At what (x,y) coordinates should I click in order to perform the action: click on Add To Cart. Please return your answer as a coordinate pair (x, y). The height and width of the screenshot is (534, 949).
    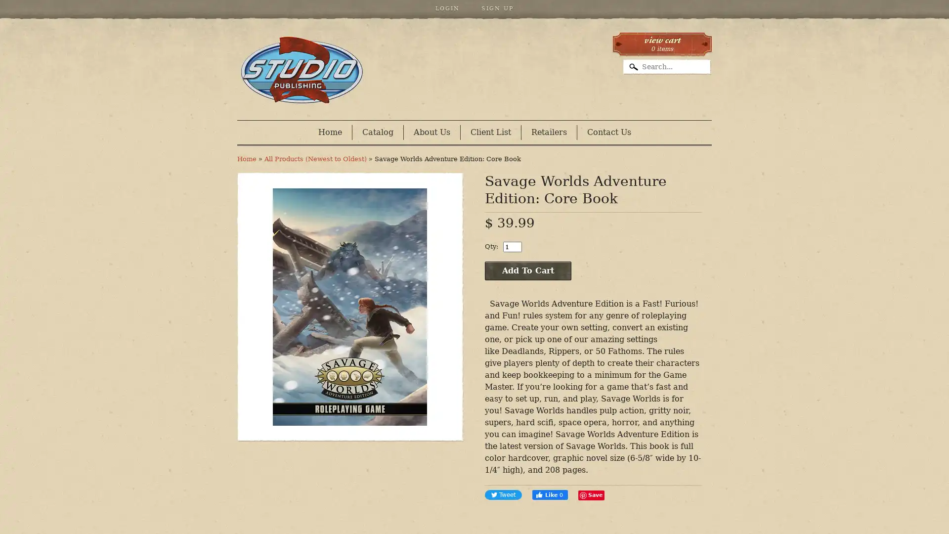
    Looking at the image, I should click on (527, 270).